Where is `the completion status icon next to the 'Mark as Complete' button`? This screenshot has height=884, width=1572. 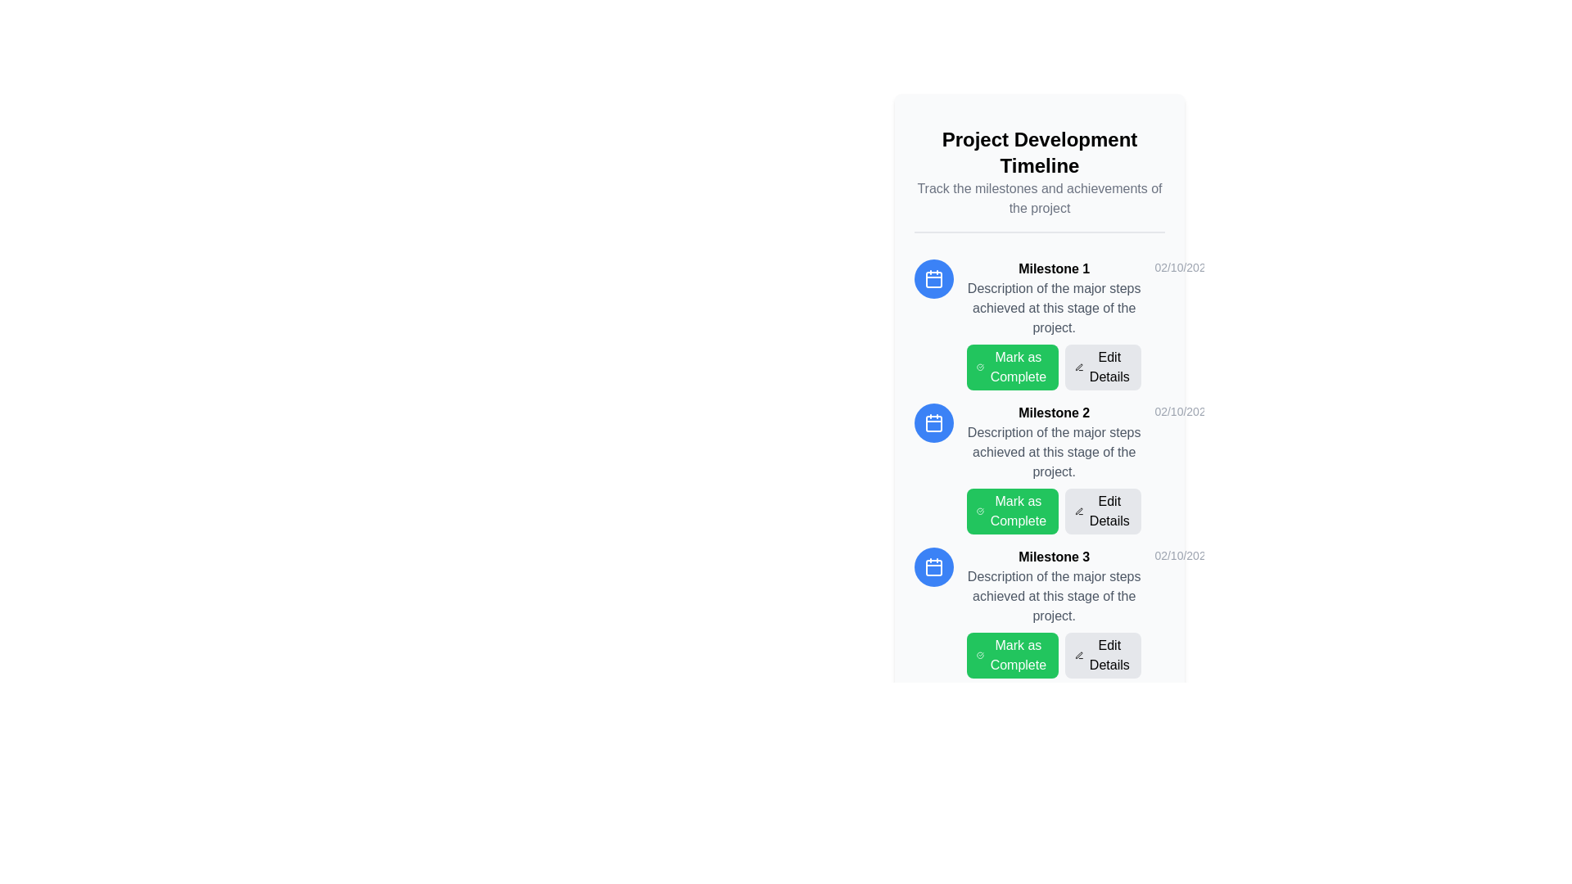 the completion status icon next to the 'Mark as Complete' button is located at coordinates (980, 366).